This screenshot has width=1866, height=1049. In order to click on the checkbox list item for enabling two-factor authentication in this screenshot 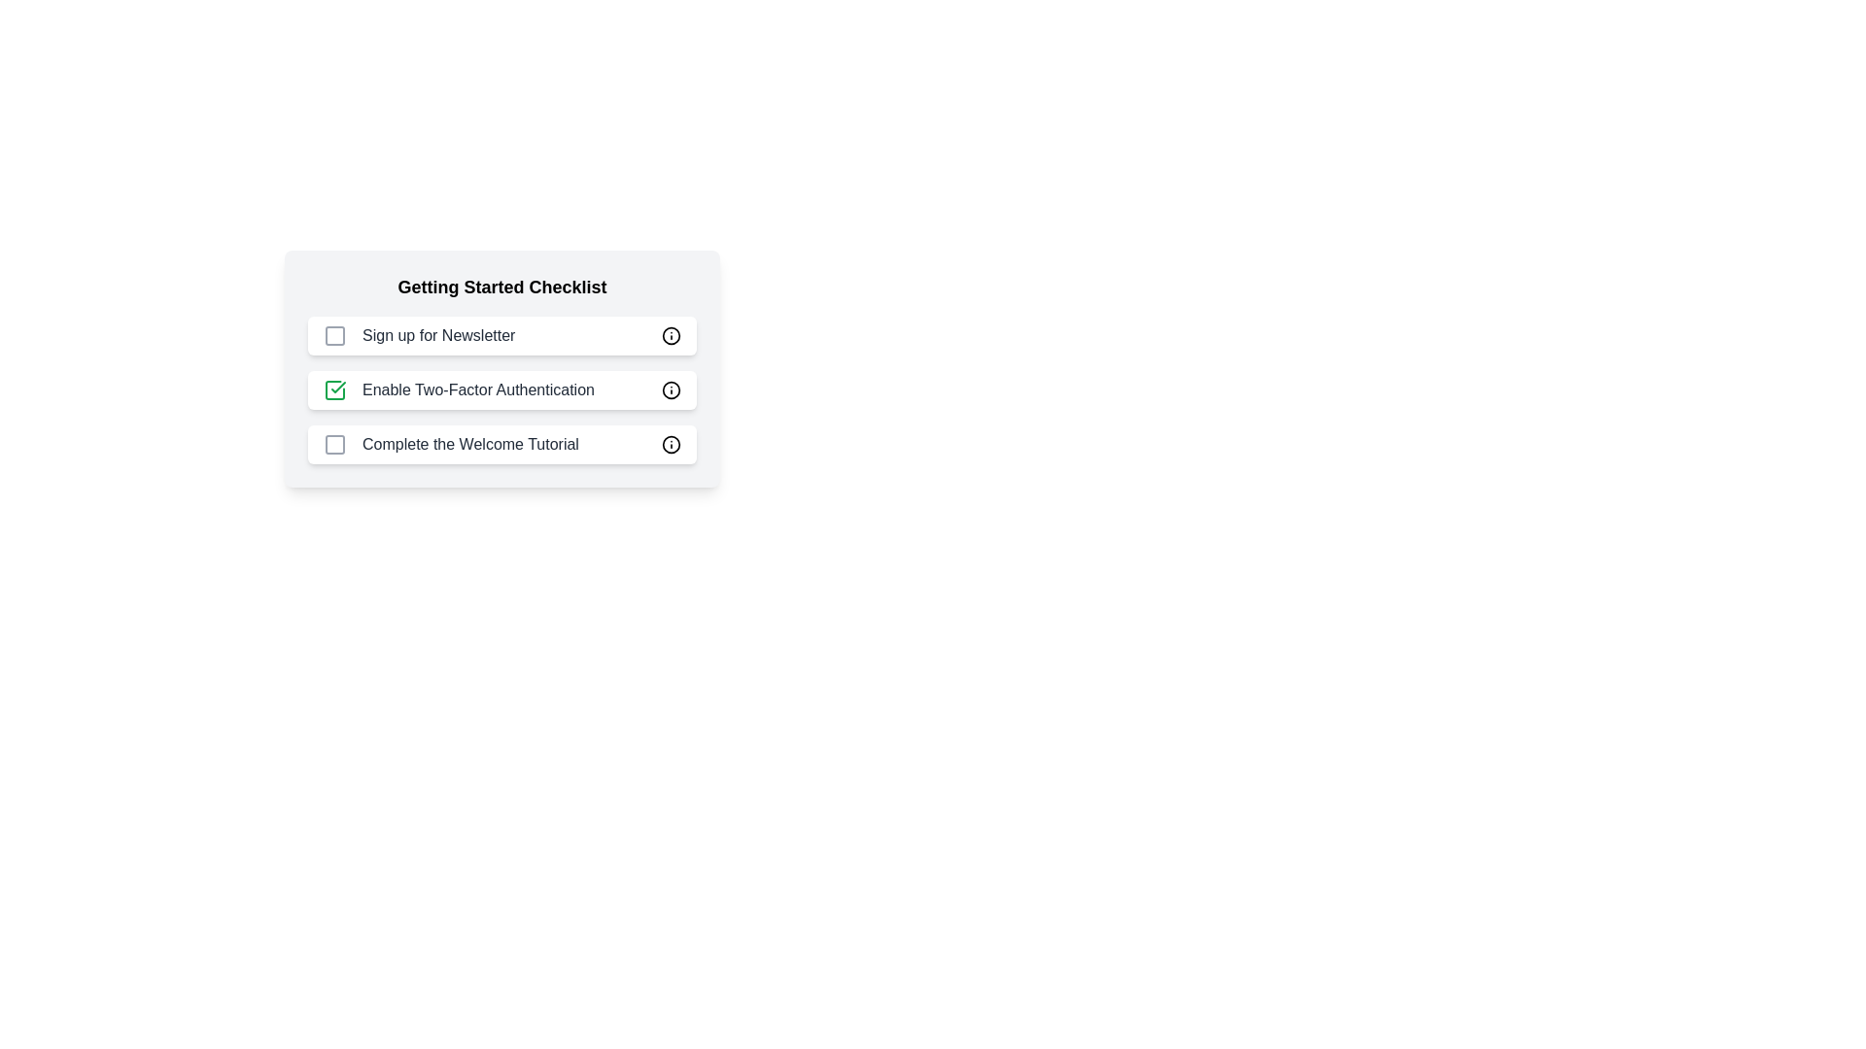, I will do `click(458, 389)`.